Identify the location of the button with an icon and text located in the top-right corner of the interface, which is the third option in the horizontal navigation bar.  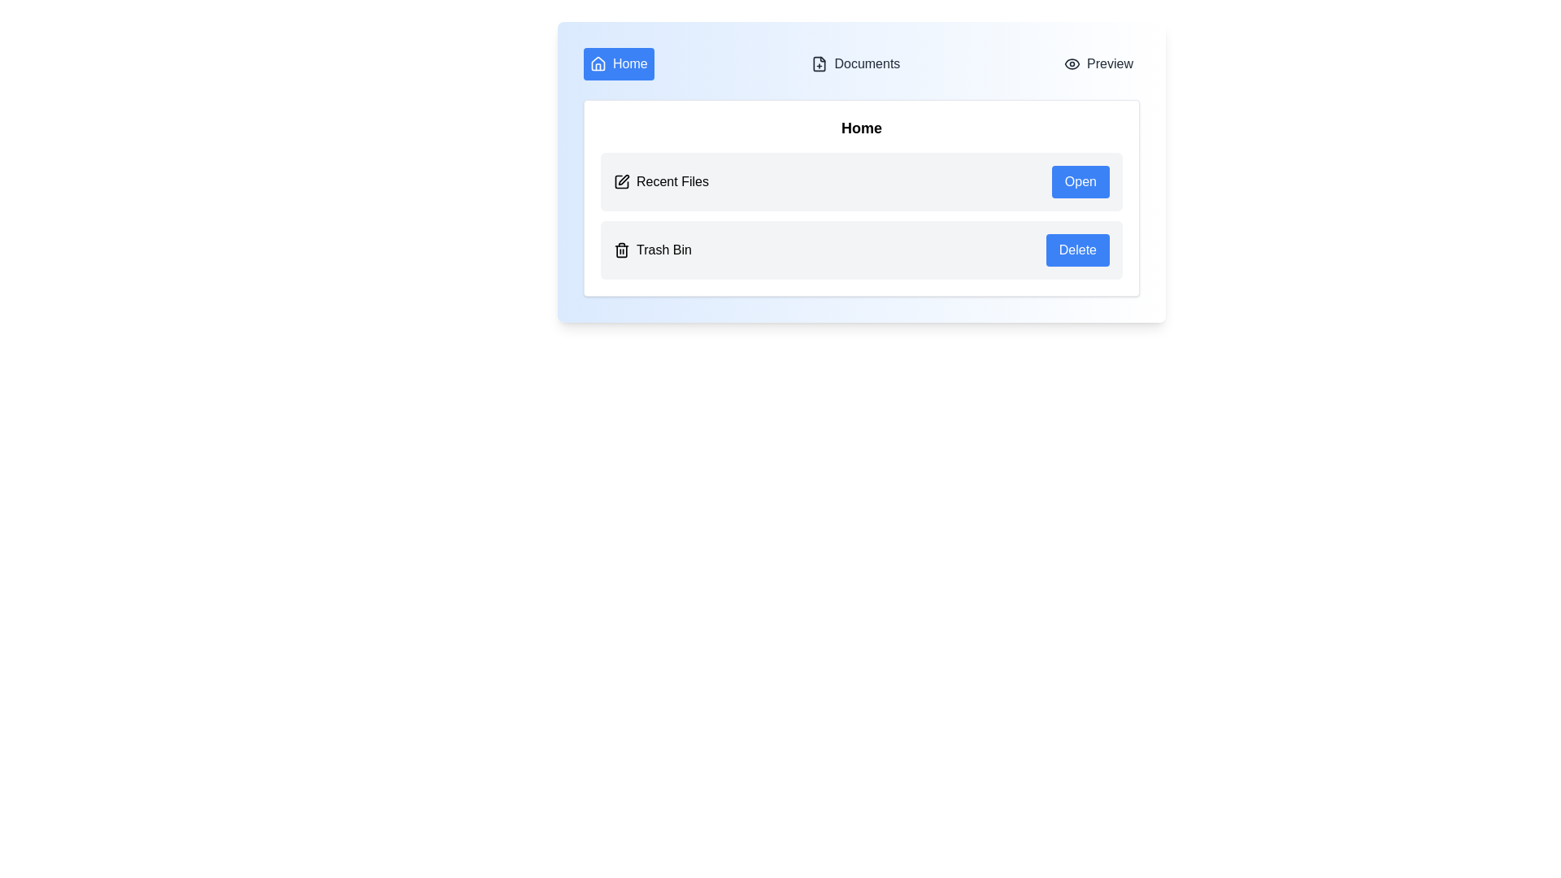
(1098, 63).